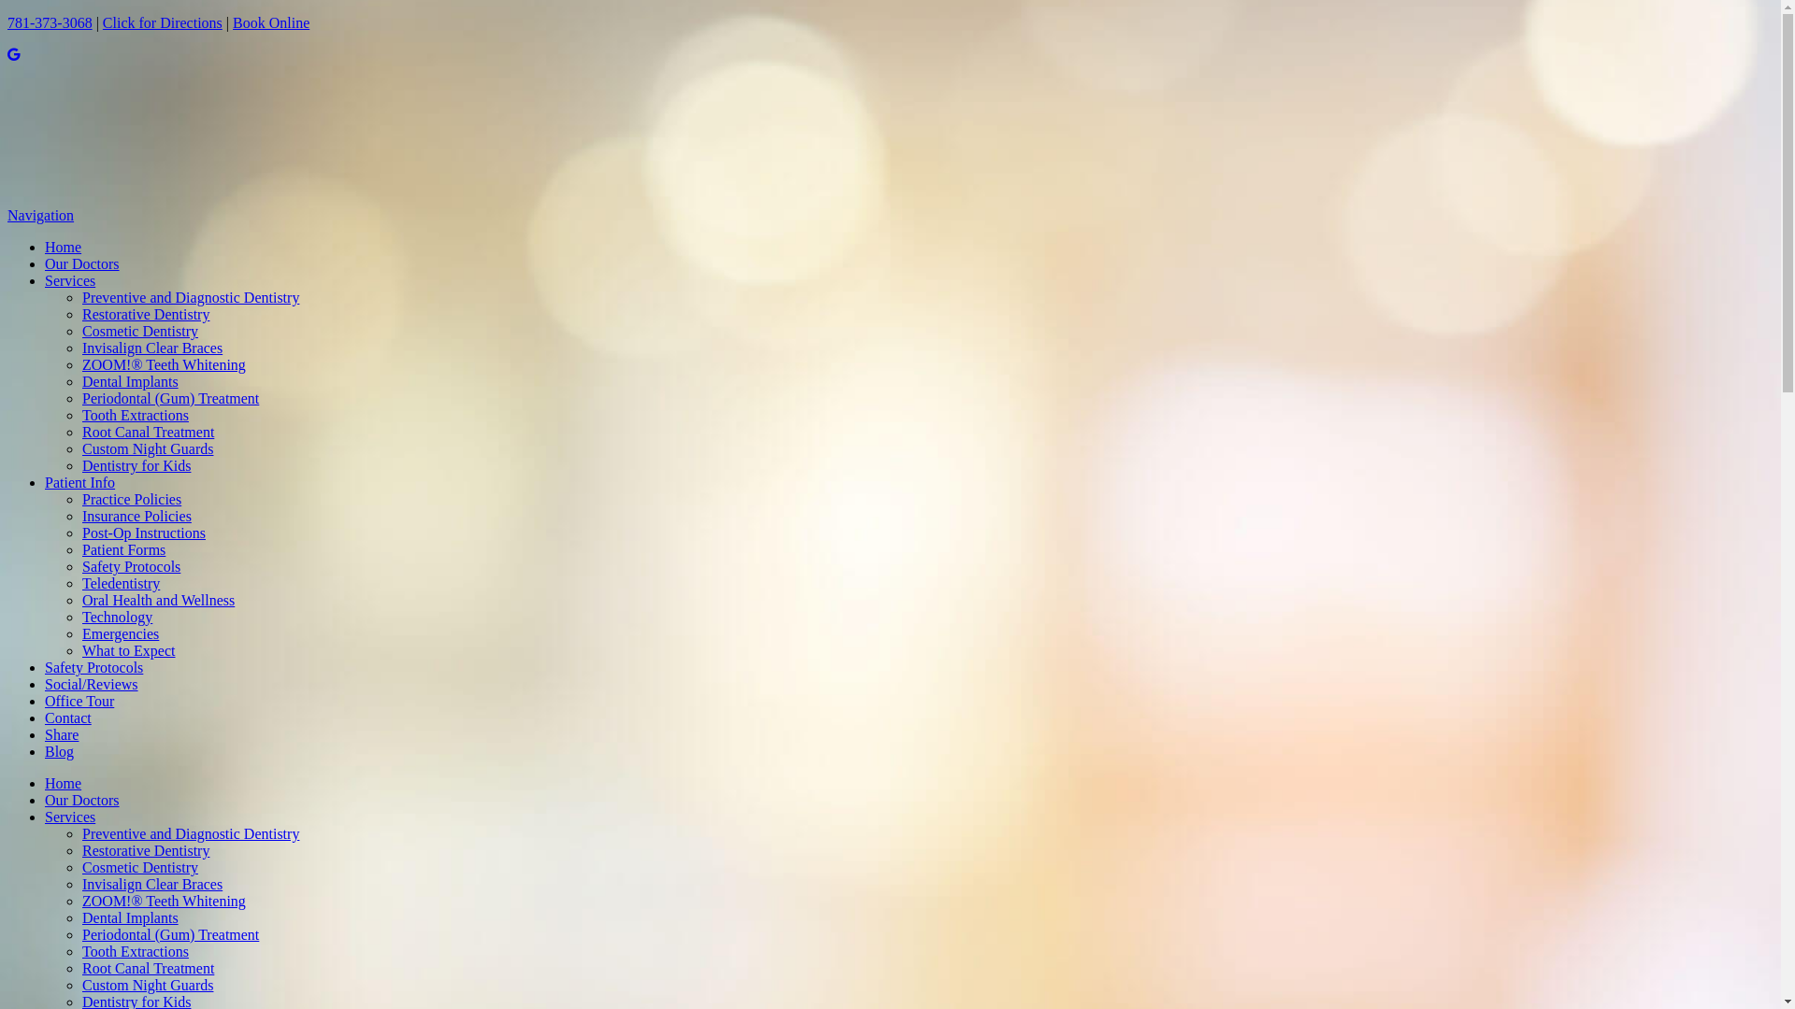  What do you see at coordinates (80, 414) in the screenshot?
I see `'Tooth Extractions'` at bounding box center [80, 414].